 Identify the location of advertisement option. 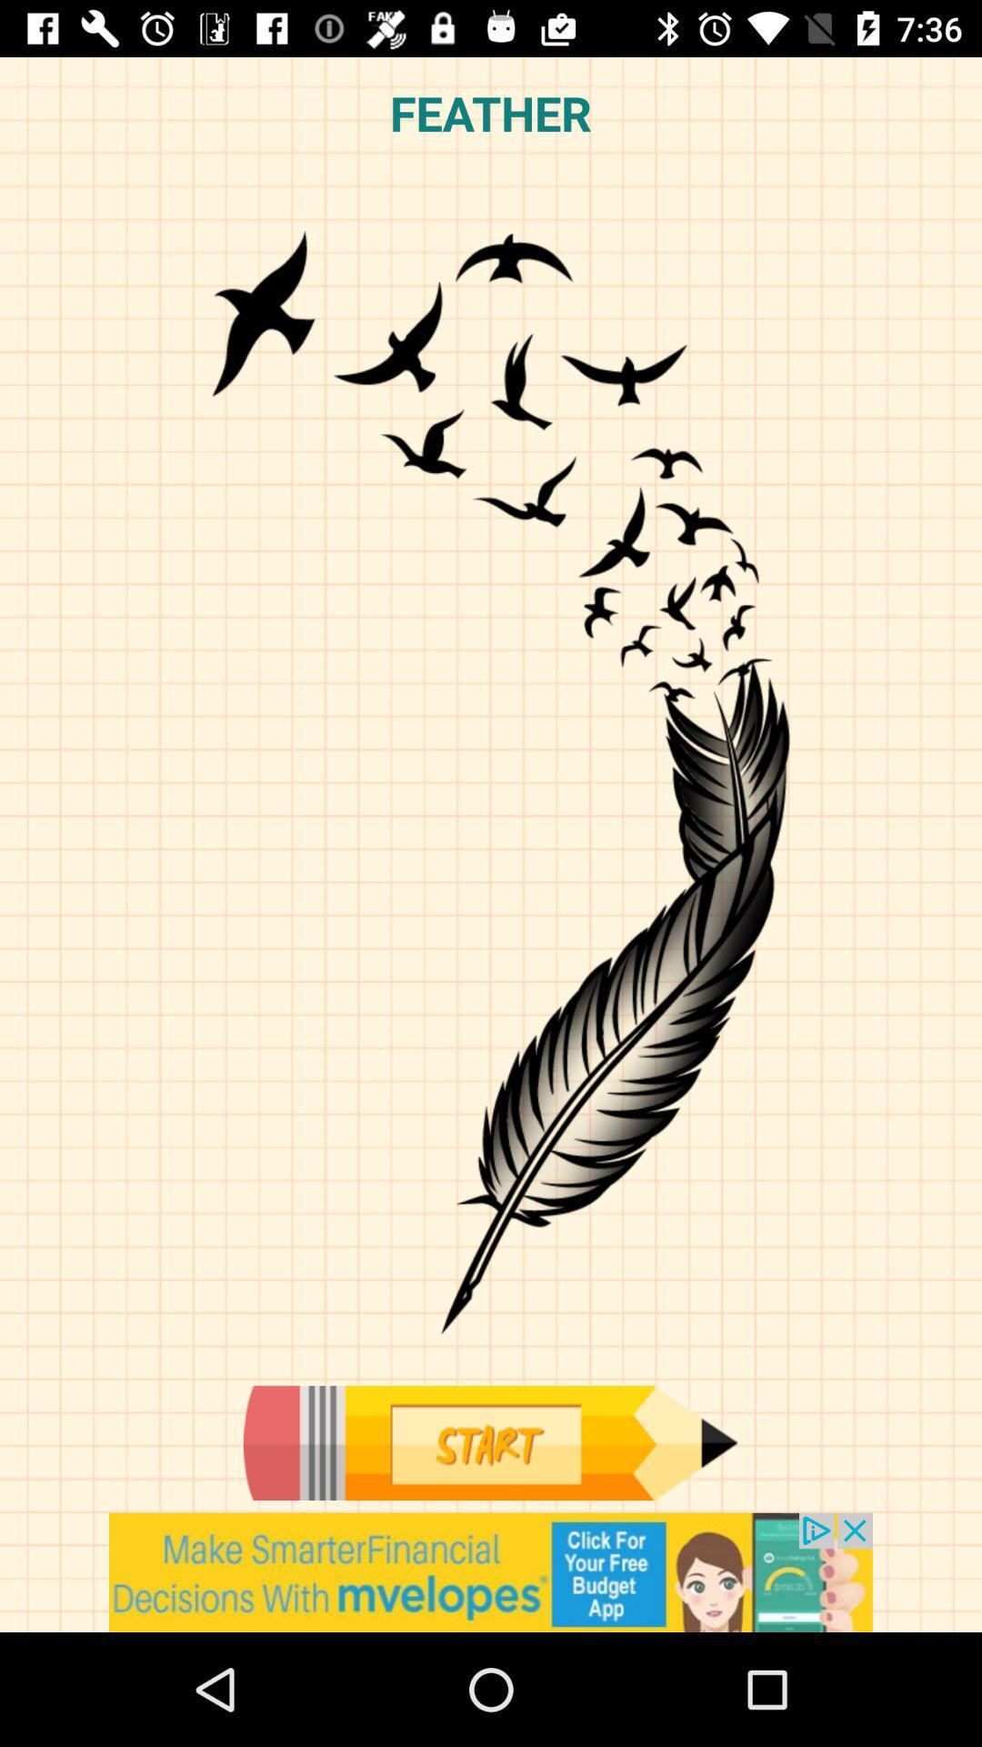
(491, 1571).